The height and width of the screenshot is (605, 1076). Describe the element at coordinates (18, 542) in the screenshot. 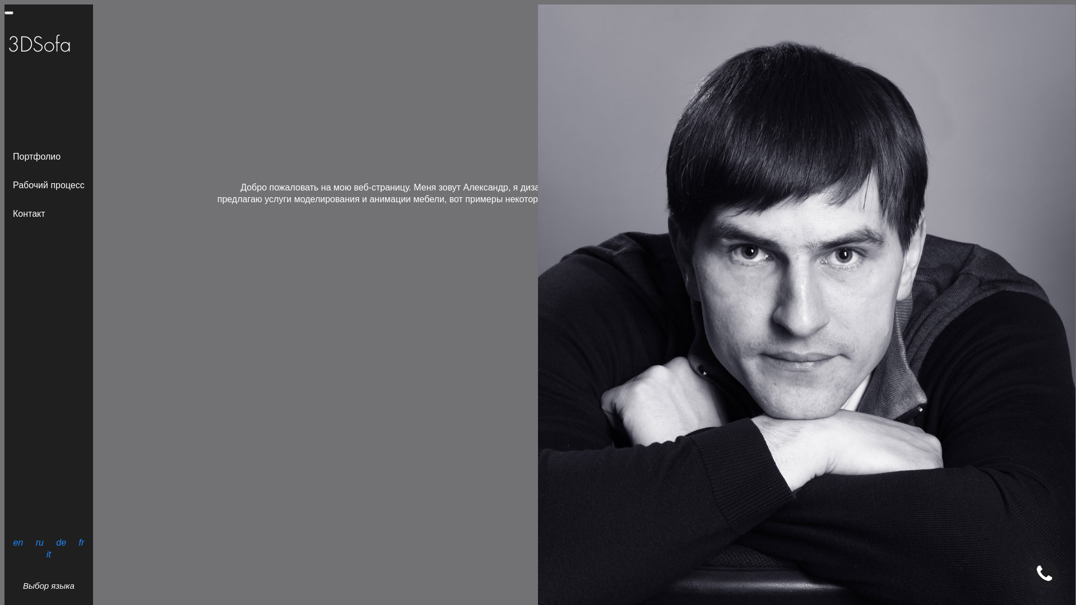

I see `'en'` at that location.